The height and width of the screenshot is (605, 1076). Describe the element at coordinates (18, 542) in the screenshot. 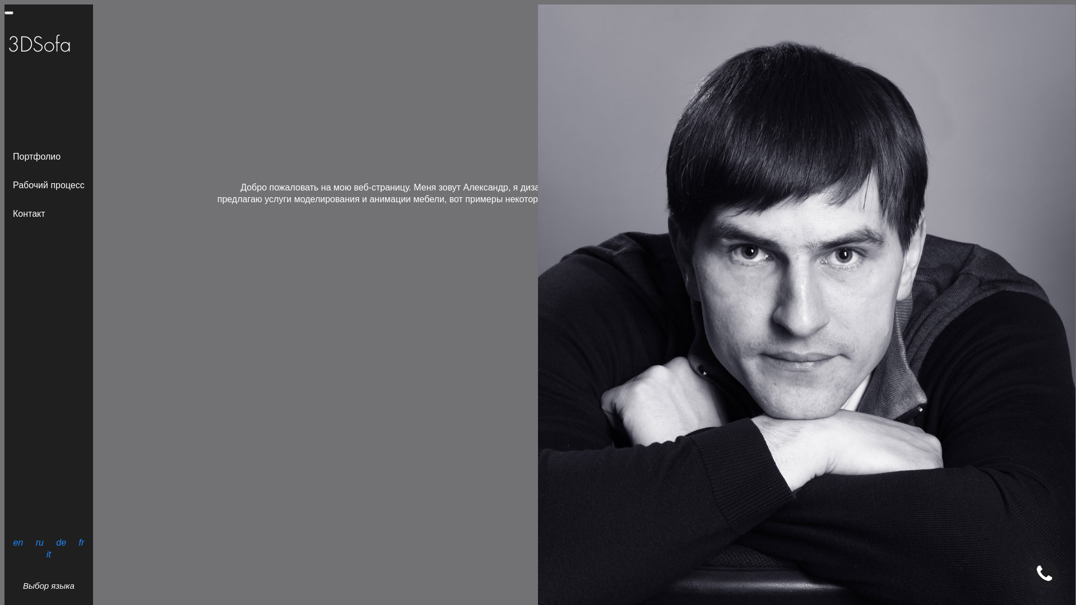

I see `'en'` at that location.